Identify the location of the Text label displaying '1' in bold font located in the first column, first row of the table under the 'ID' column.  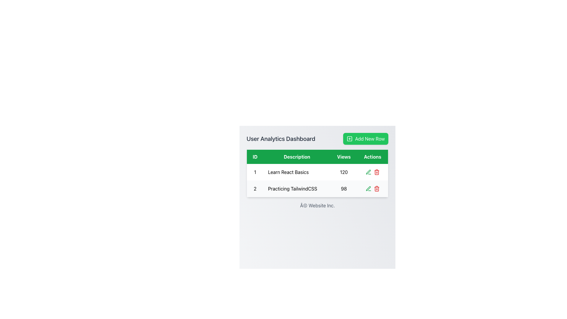
(255, 172).